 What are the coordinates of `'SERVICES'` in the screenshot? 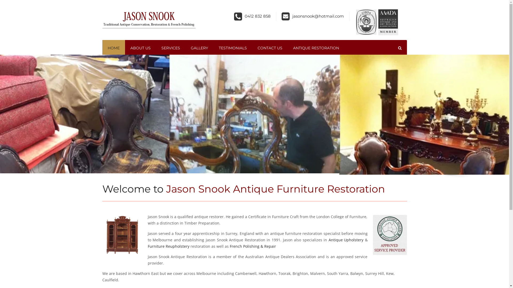 It's located at (156, 48).